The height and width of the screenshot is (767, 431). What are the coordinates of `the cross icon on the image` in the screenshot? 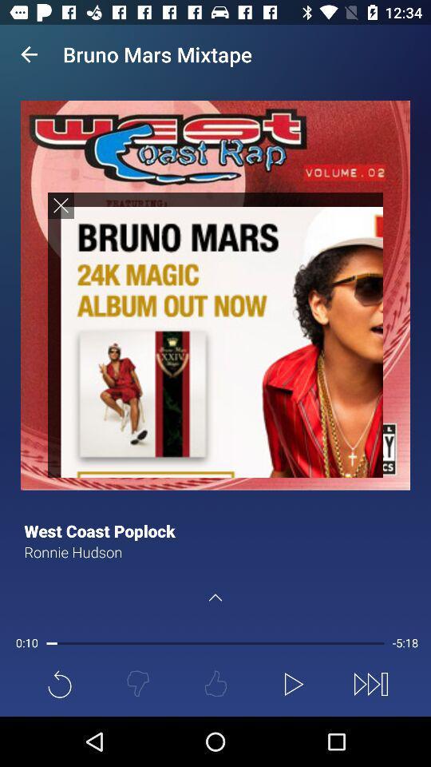 It's located at (60, 205).